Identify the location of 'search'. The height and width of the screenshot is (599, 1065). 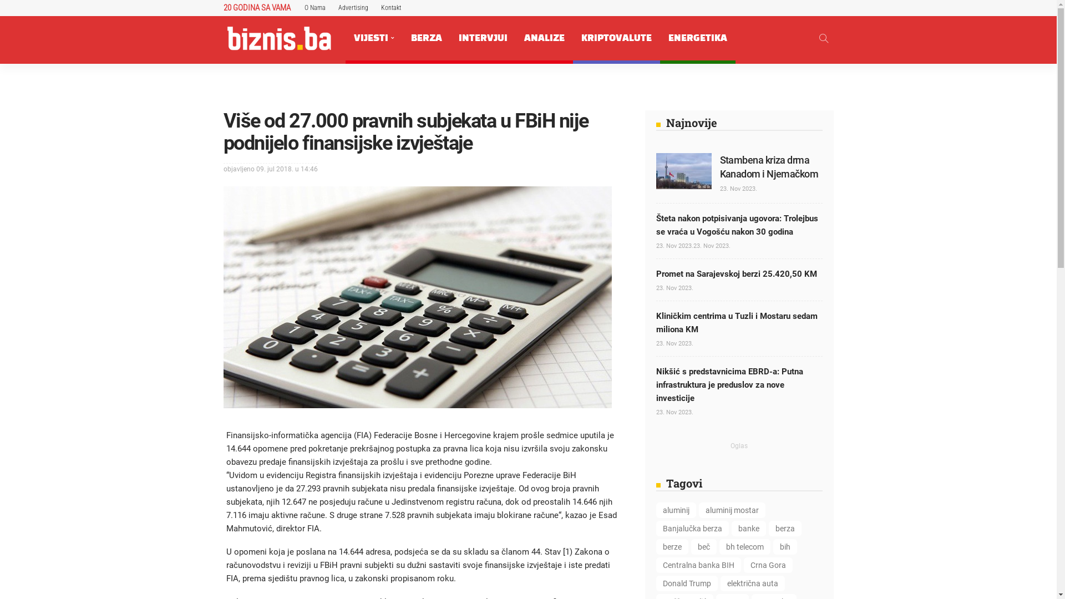
(823, 38).